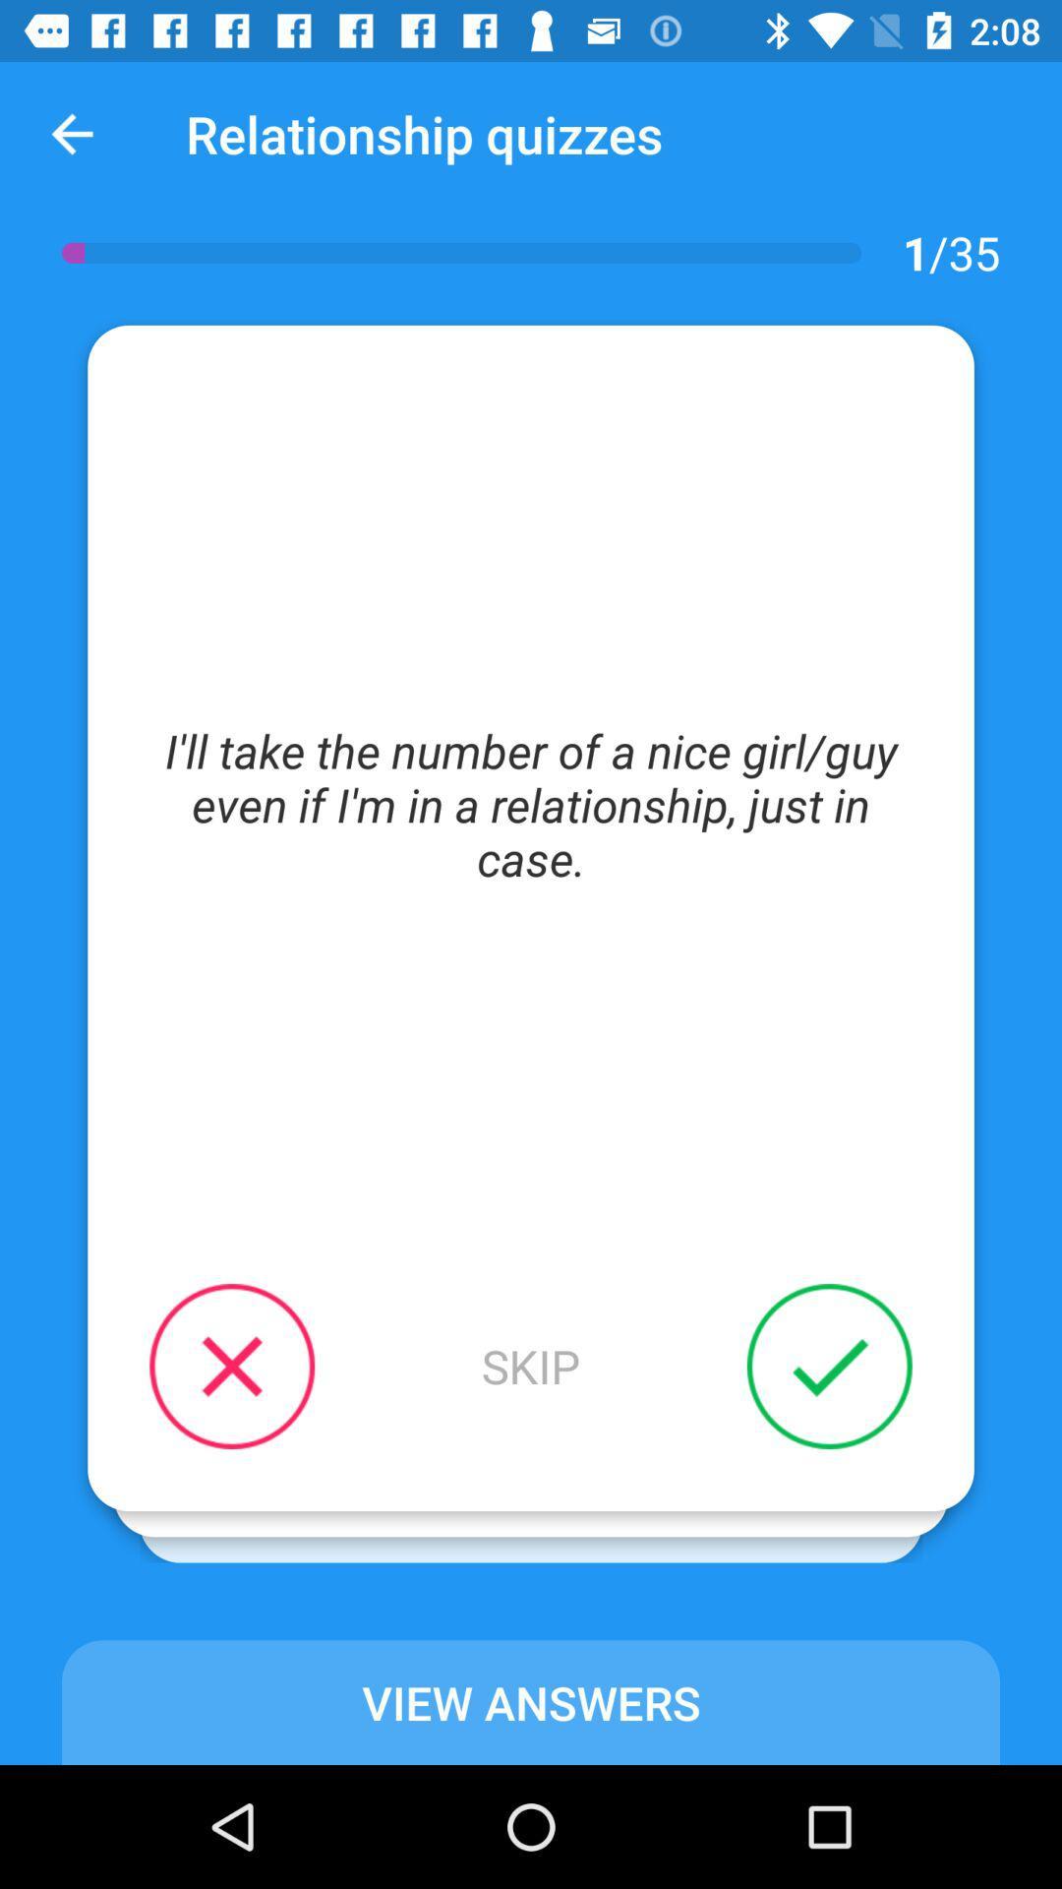 The width and height of the screenshot is (1062, 1889). What do you see at coordinates (231, 1365) in the screenshot?
I see `the close icon` at bounding box center [231, 1365].